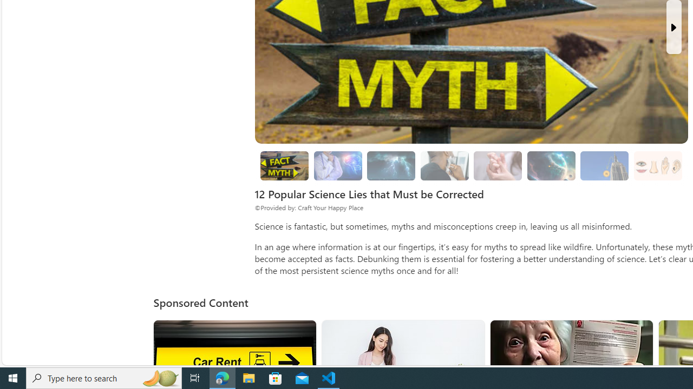  I want to click on 'Space Myths', so click(551, 166).